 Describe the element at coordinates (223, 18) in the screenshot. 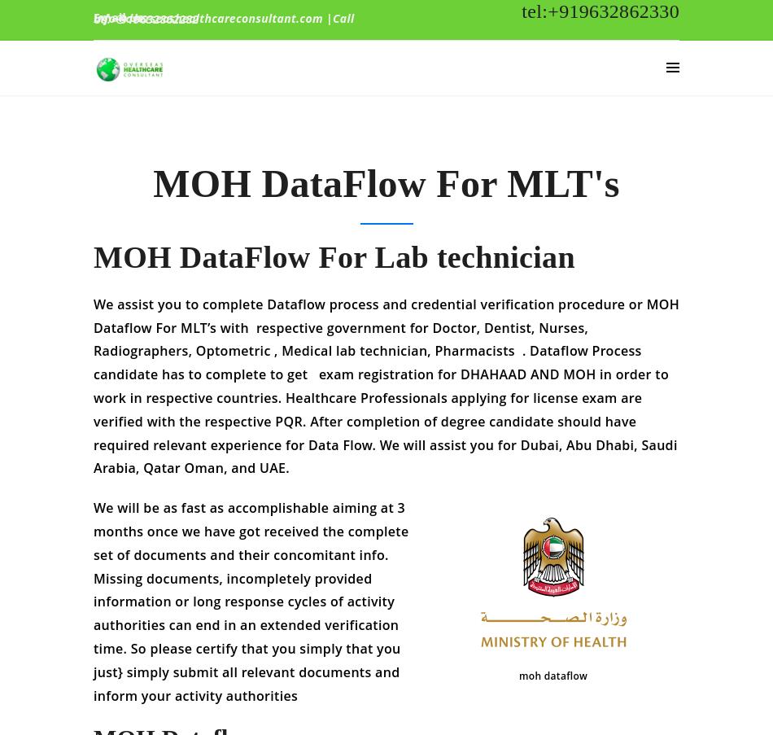

I see `'|Call Us:'` at that location.